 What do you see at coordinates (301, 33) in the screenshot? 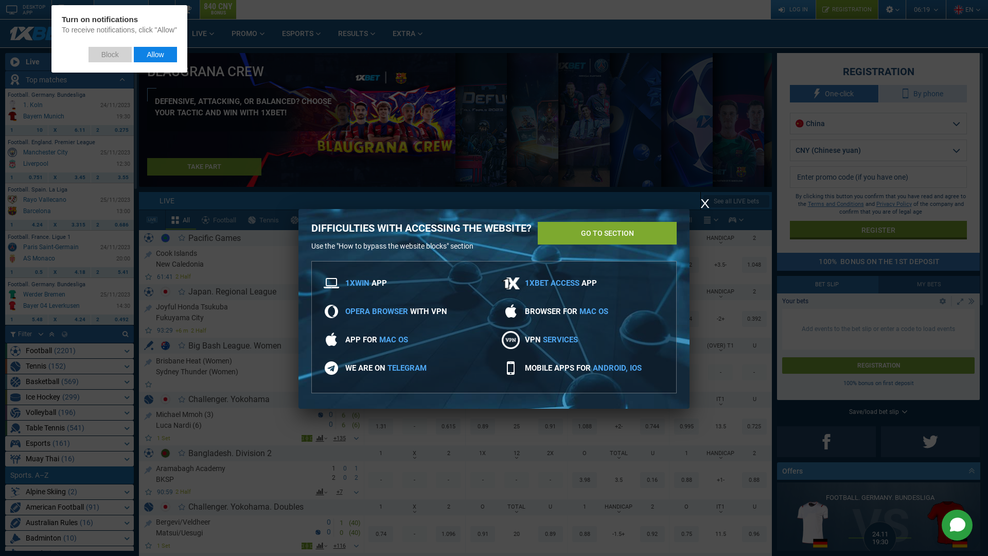
I see `'ESPORTS'` at bounding box center [301, 33].